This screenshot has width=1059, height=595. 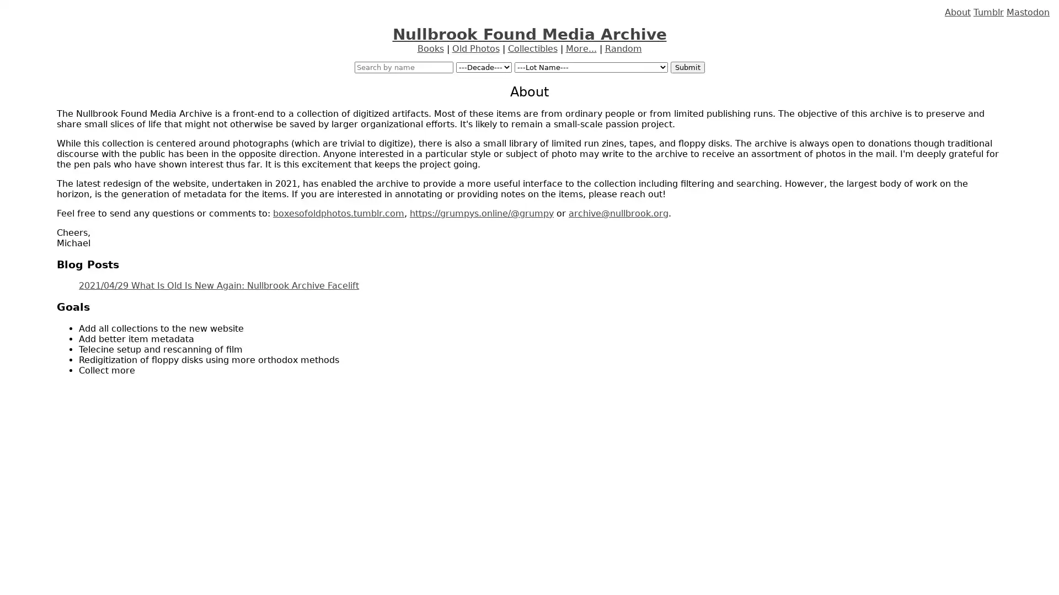 What do you see at coordinates (687, 67) in the screenshot?
I see `Submit` at bounding box center [687, 67].